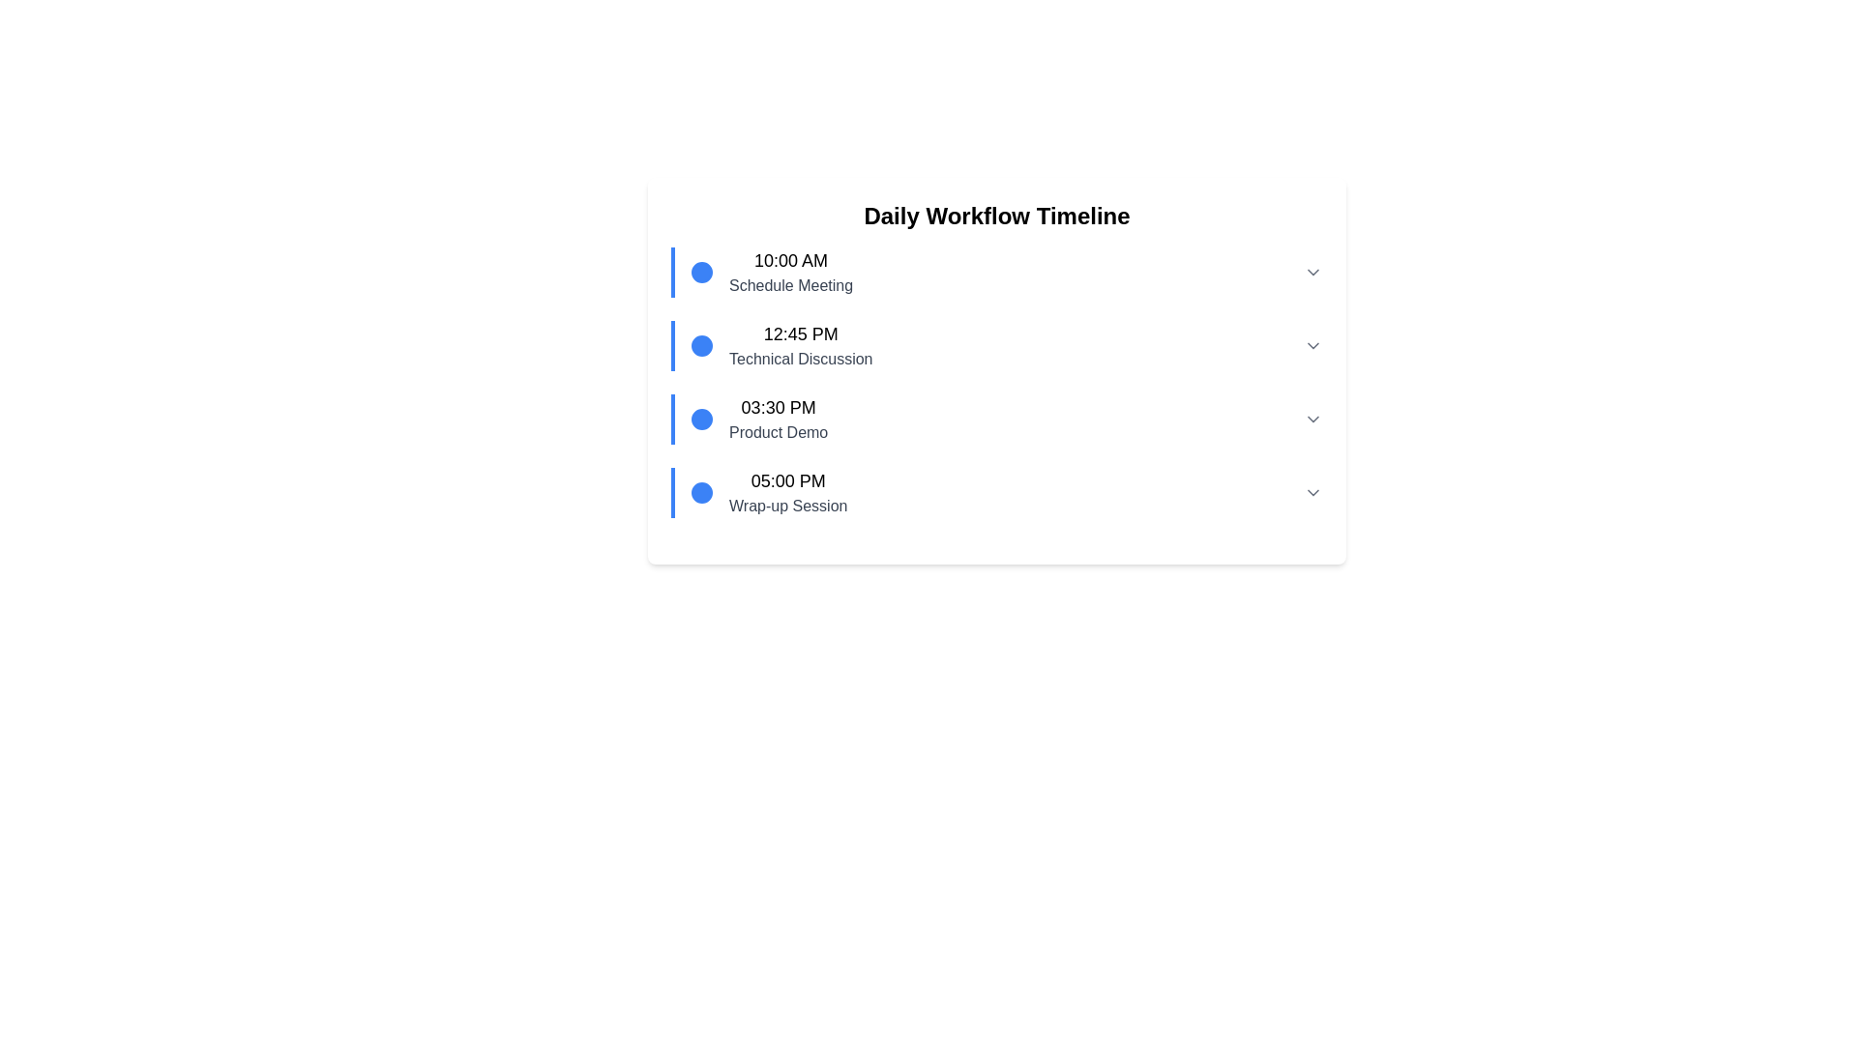  Describe the element at coordinates (700, 491) in the screenshot. I see `the SVG Circle marker that indicates the 'Wrap-up Session' at '05:00 PM' in the timeline` at that location.